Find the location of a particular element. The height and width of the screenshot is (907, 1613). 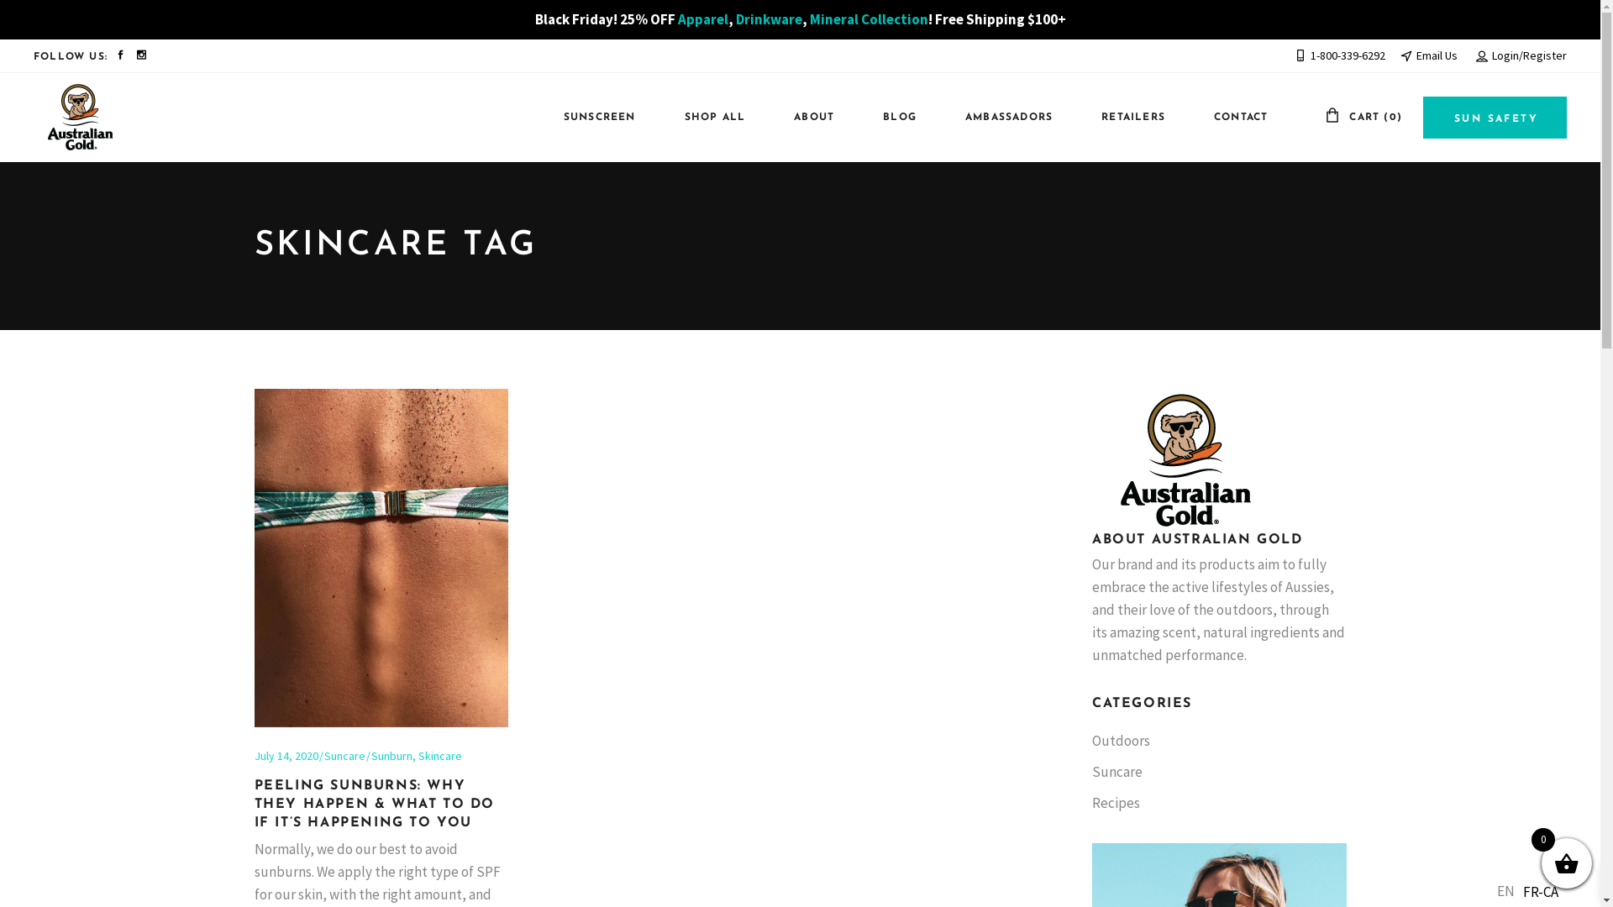

'Login/Register' is located at coordinates (1521, 54).